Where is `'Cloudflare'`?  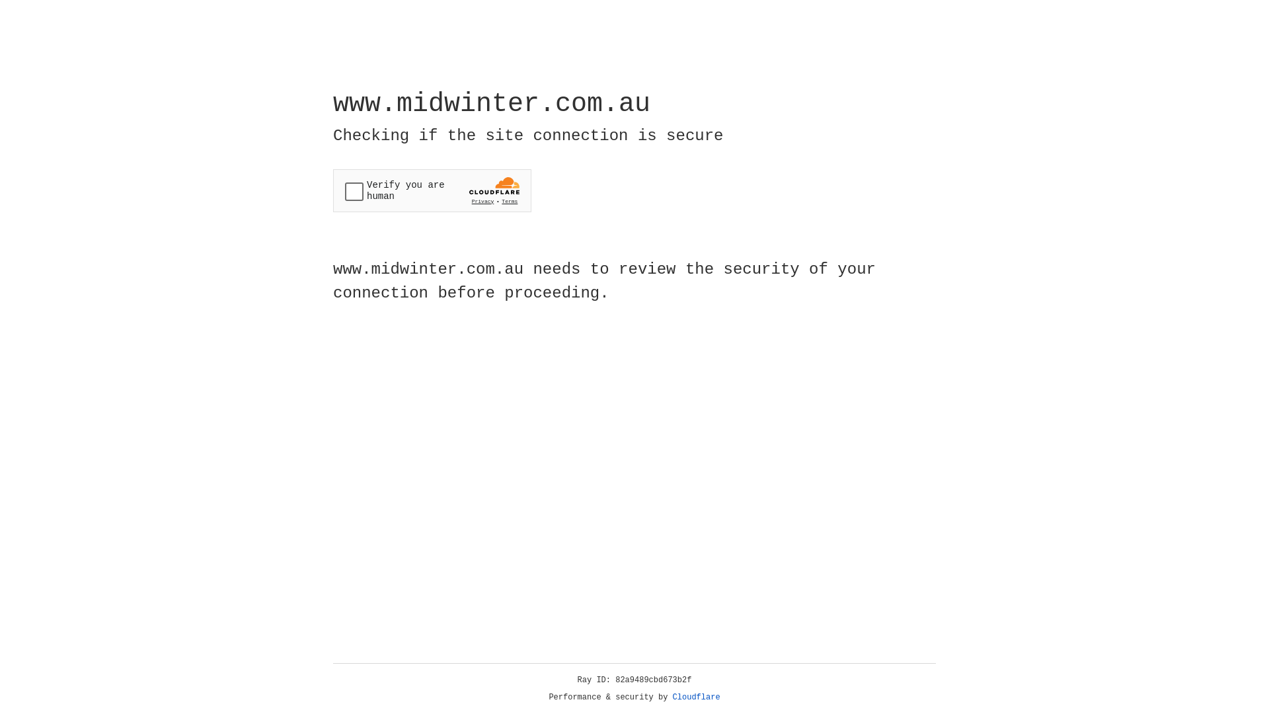 'Cloudflare' is located at coordinates (672, 697).